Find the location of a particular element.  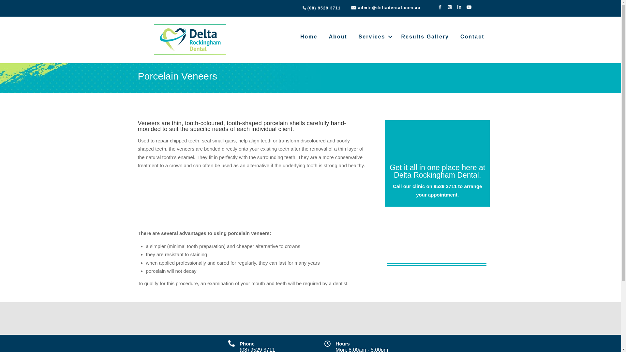

'(08) 9529 3711' is located at coordinates (324, 8).